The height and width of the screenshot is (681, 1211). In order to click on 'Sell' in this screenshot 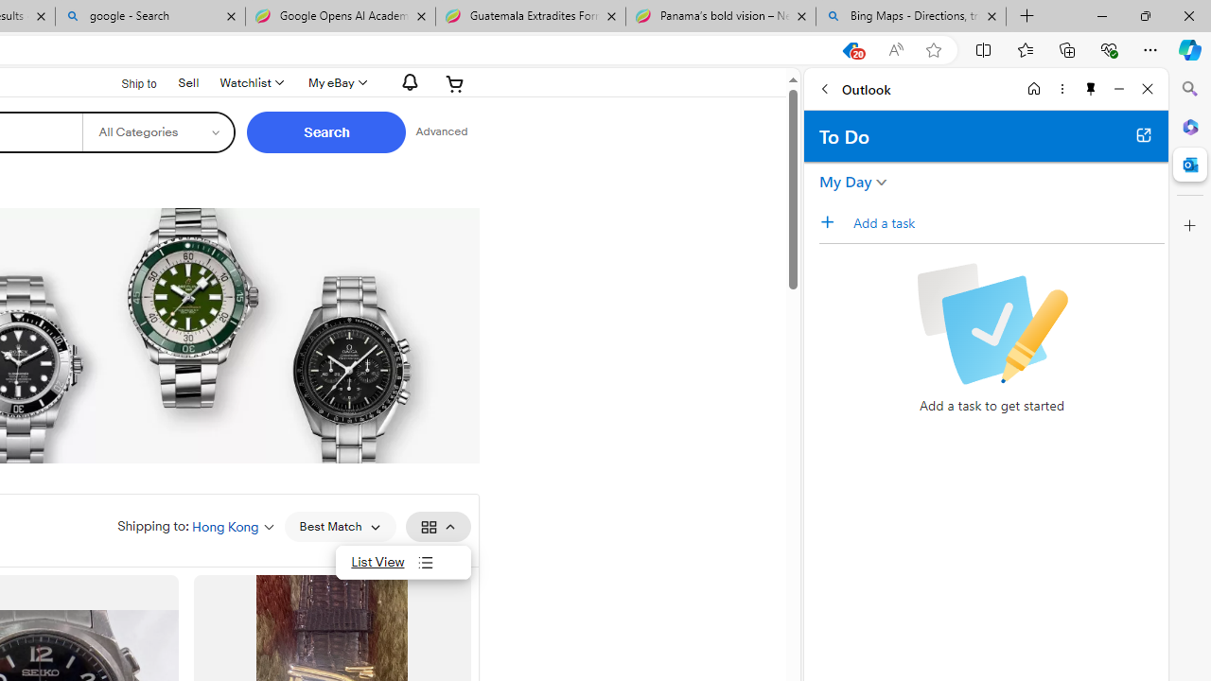, I will do `click(188, 81)`.